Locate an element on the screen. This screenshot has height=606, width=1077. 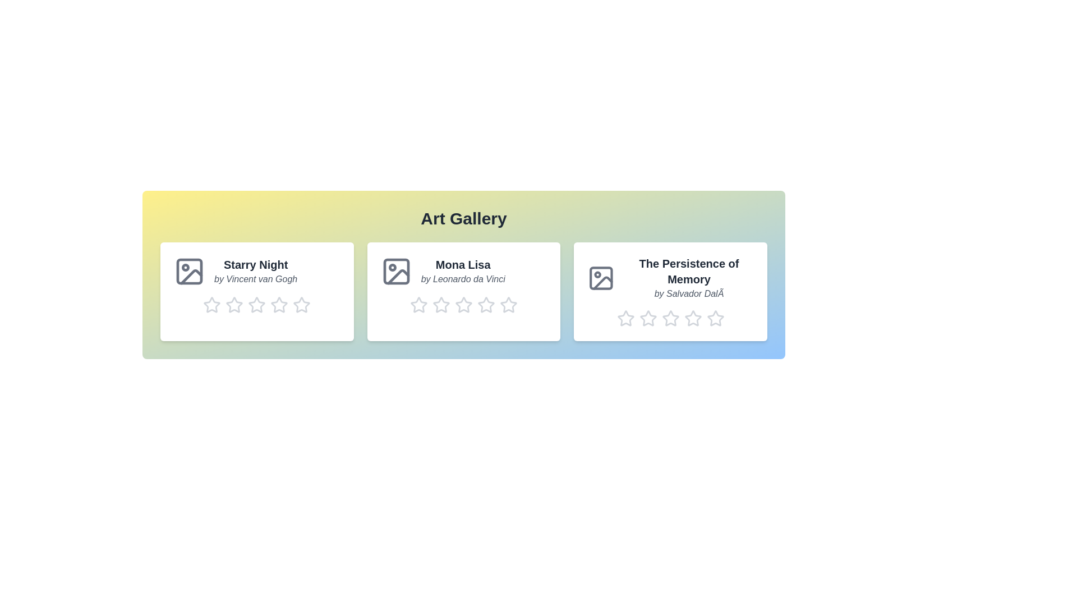
the rating of artwork 3 to 1 stars is located at coordinates (616, 318).